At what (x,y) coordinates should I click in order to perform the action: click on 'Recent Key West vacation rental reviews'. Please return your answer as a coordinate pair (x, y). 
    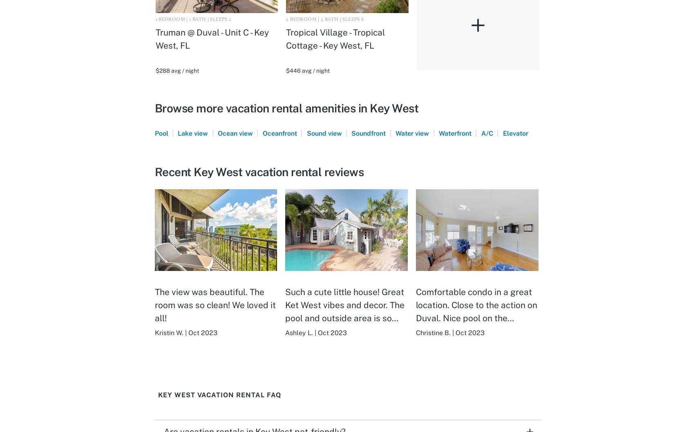
    Looking at the image, I should click on (154, 171).